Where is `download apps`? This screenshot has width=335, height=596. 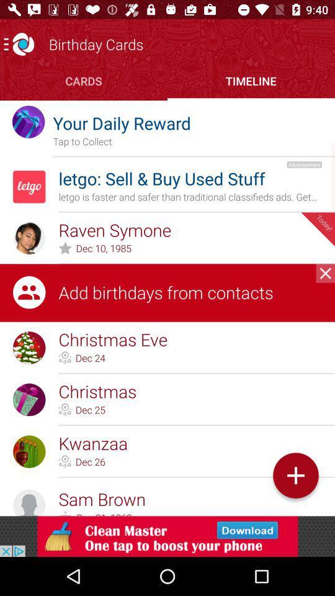 download apps is located at coordinates (167, 536).